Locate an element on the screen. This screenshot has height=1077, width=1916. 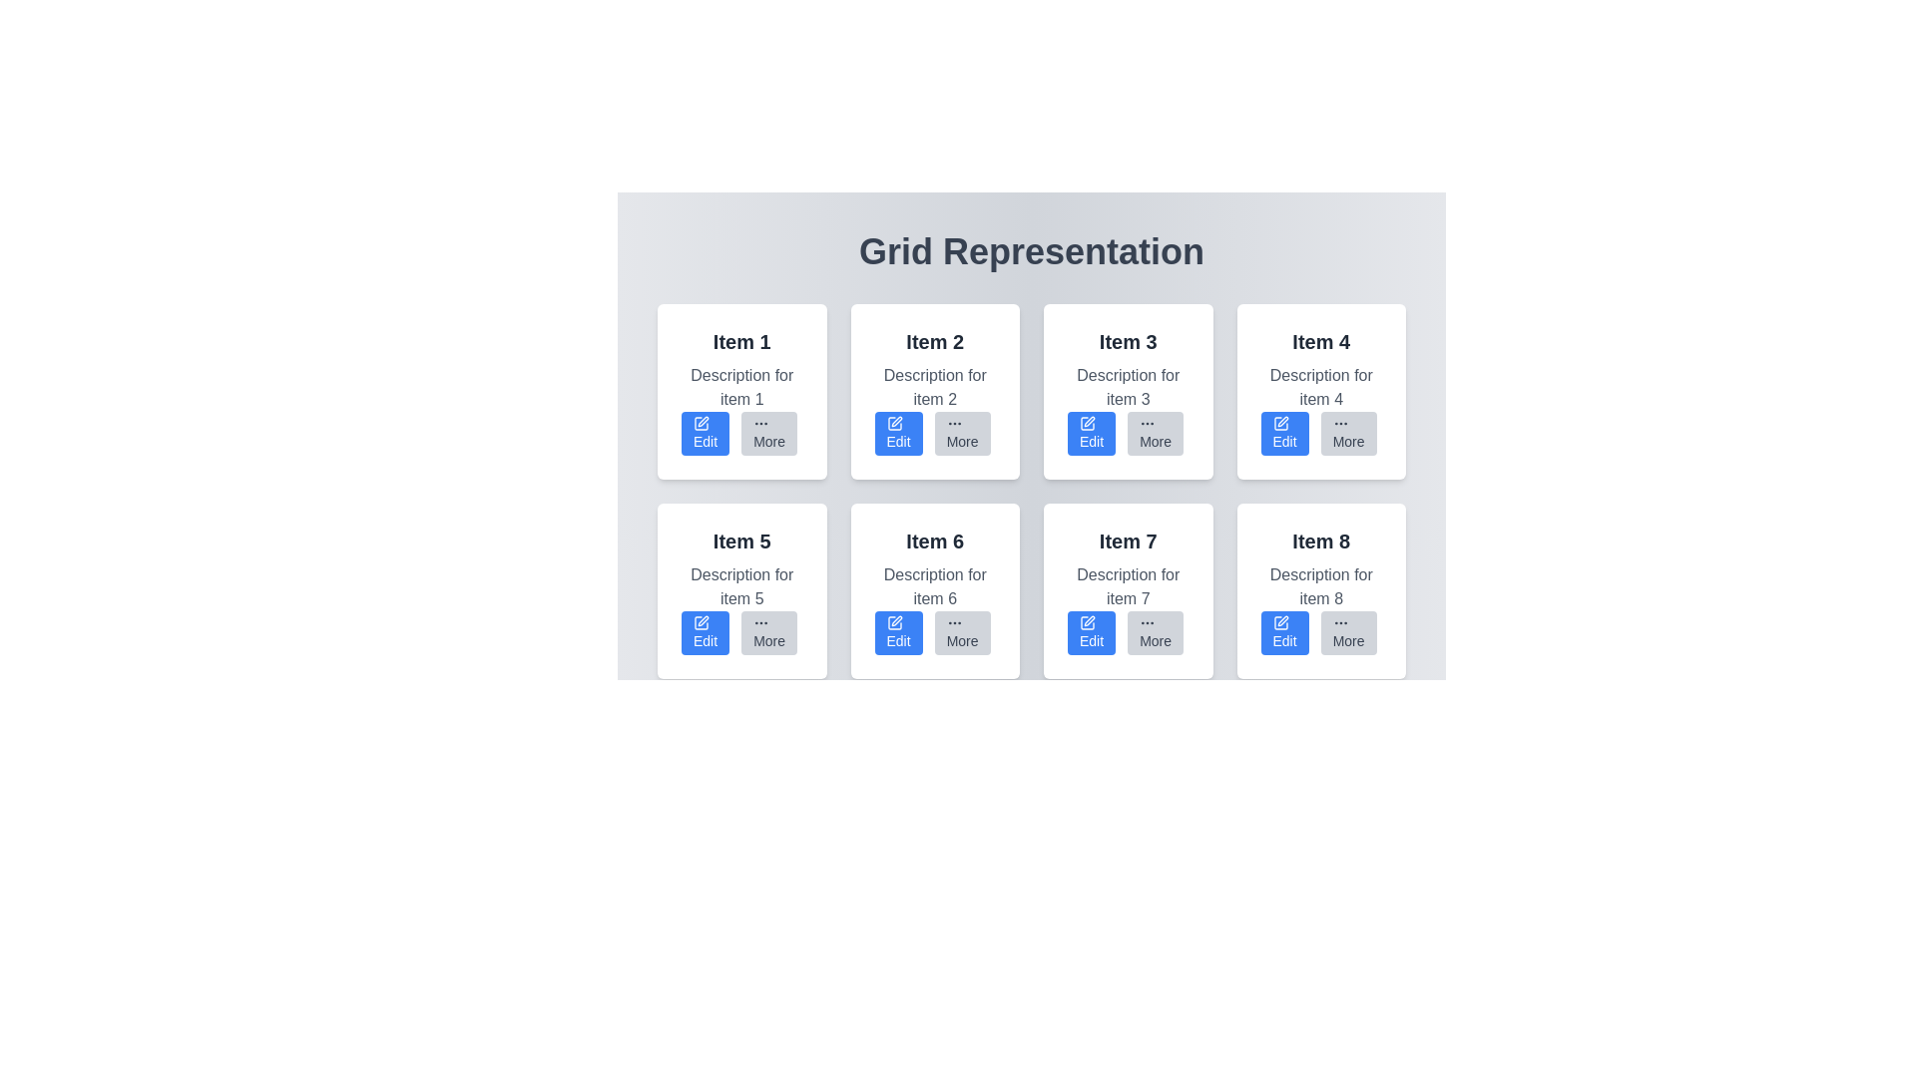
the pen icon located is located at coordinates (1088, 620).